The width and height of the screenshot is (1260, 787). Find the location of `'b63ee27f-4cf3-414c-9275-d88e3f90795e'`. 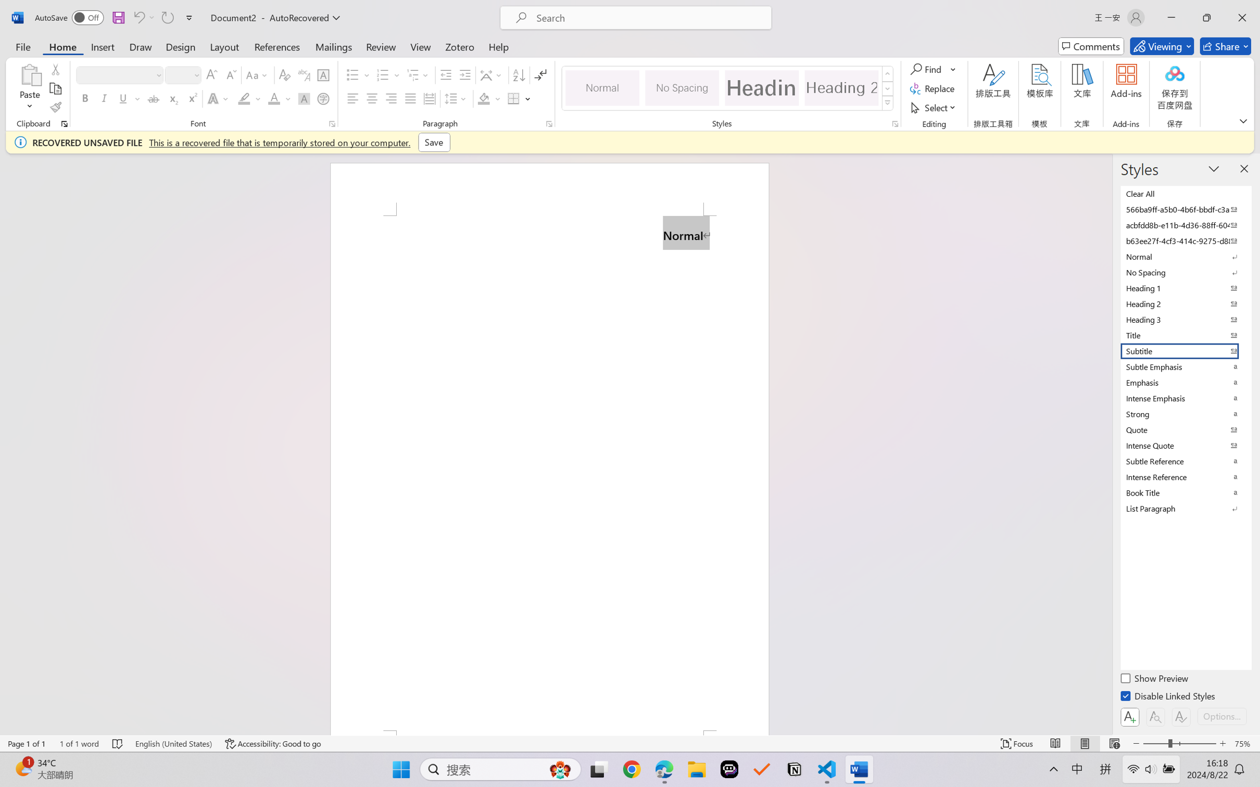

'b63ee27f-4cf3-414c-9275-d88e3f90795e' is located at coordinates (1185, 240).